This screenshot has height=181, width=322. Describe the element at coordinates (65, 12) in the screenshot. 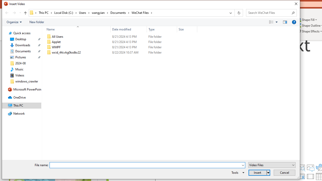

I see `'Local Disk (C:)'` at that location.